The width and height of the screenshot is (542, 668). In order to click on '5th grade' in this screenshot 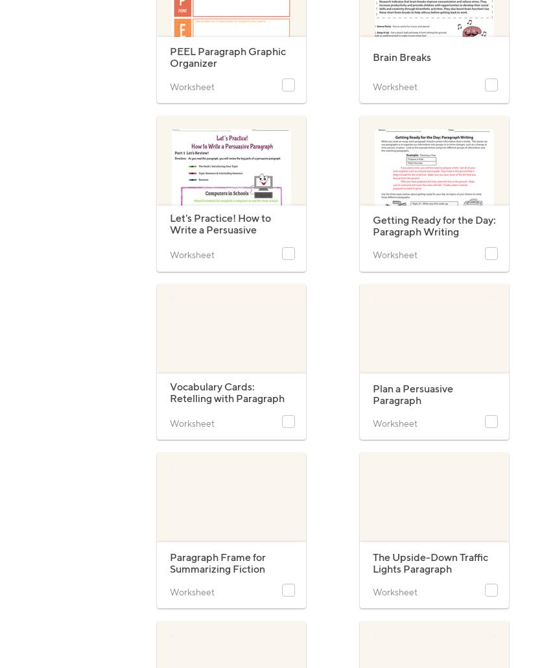, I will do `click(169, 130)`.